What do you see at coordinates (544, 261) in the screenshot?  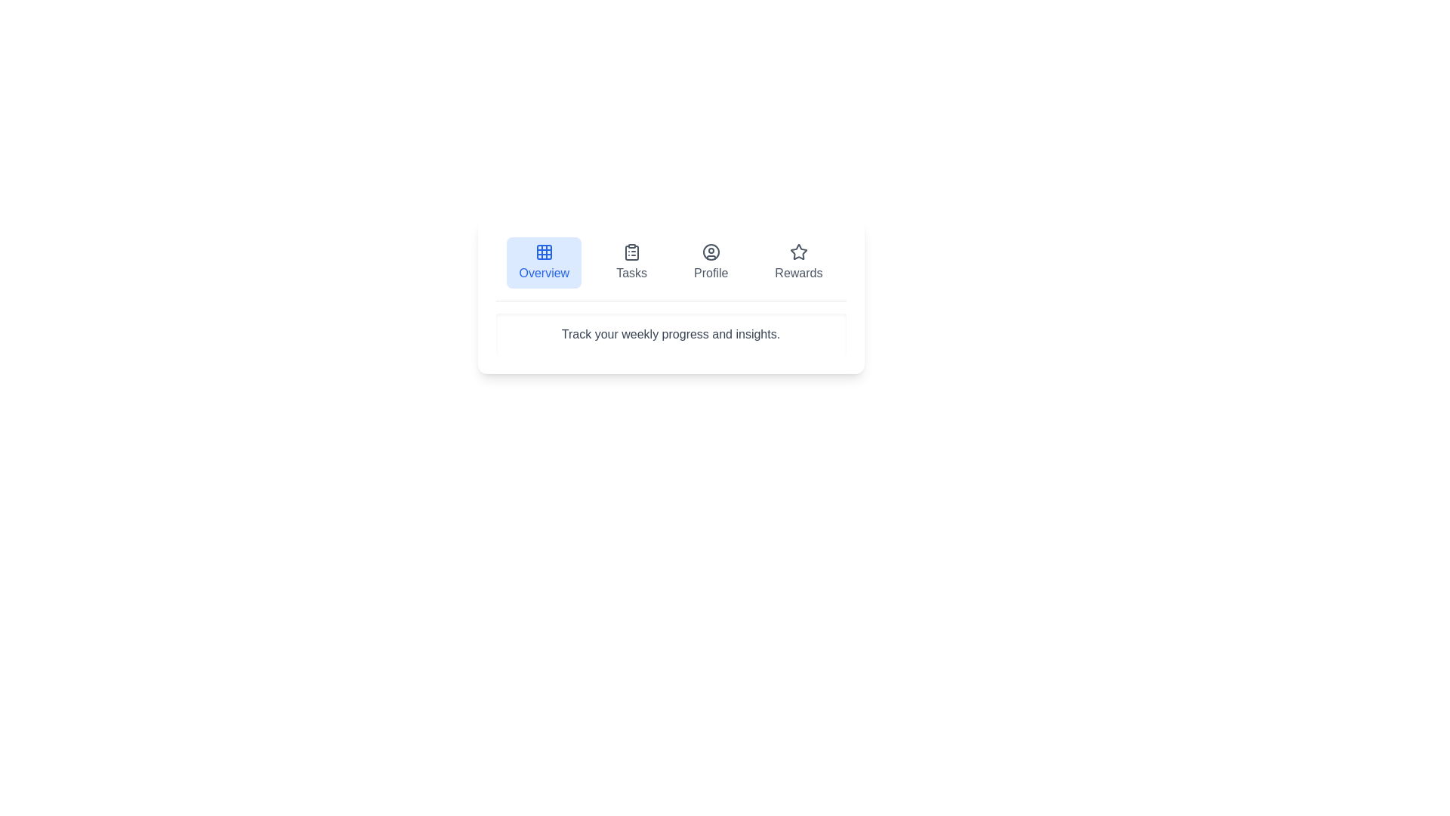 I see `the 'Overview' button` at bounding box center [544, 261].